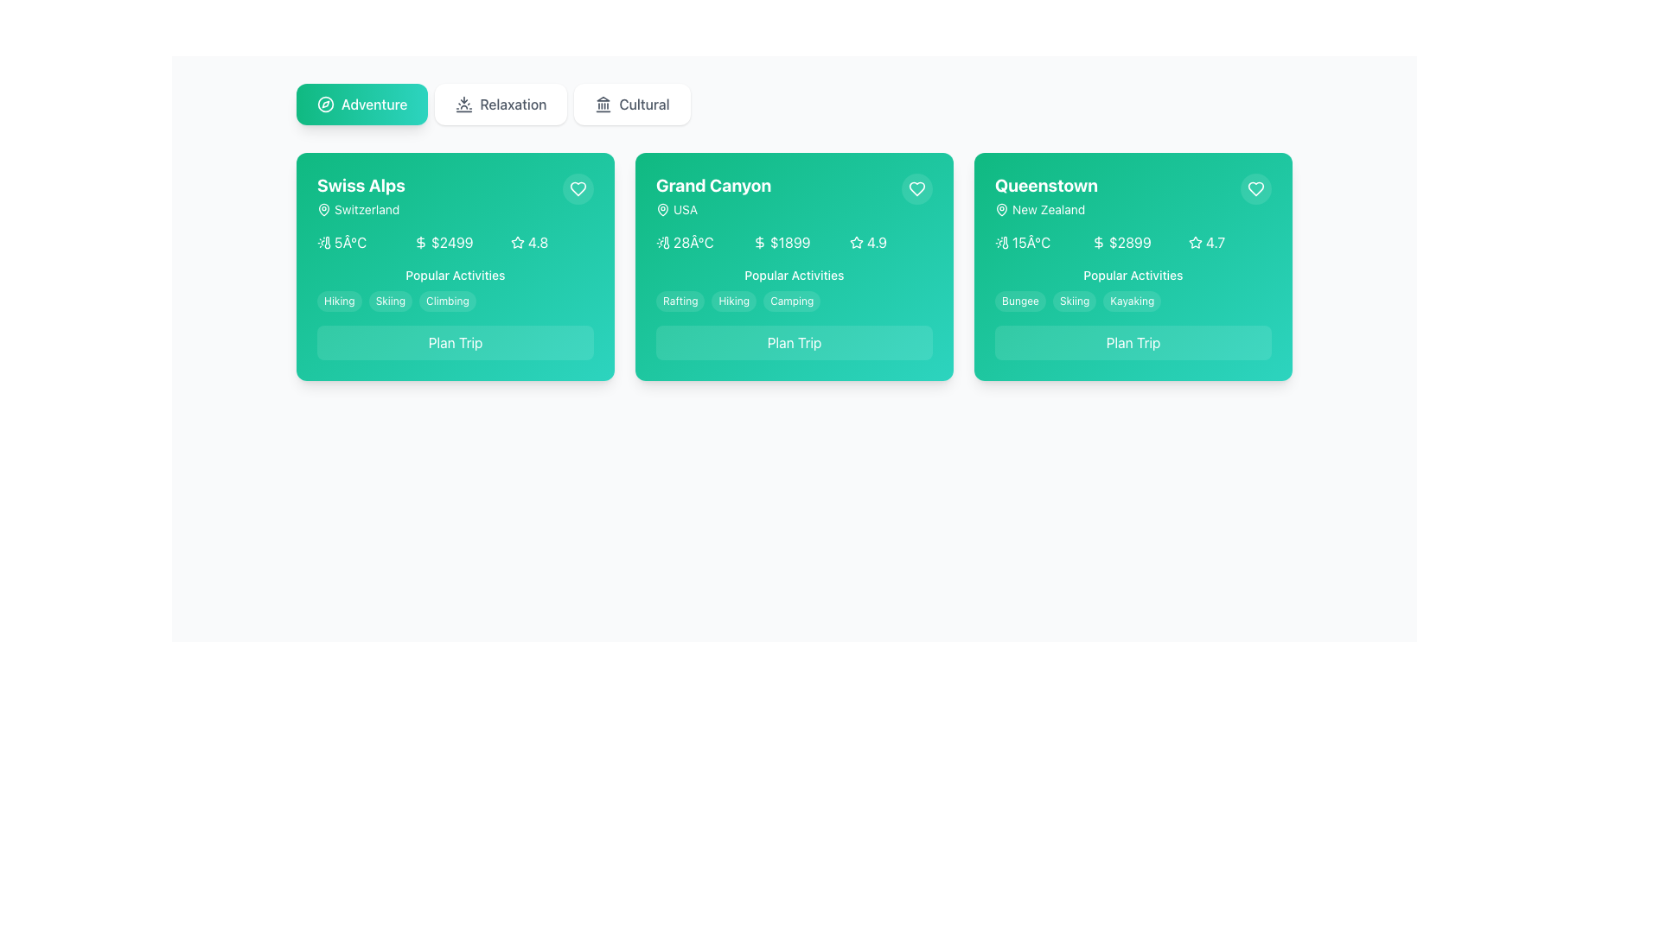  What do you see at coordinates (326, 104) in the screenshot?
I see `the 'Adventure' button which contains the adventure icon positioned near its left edge, adjacent to the text 'Adventure'` at bounding box center [326, 104].